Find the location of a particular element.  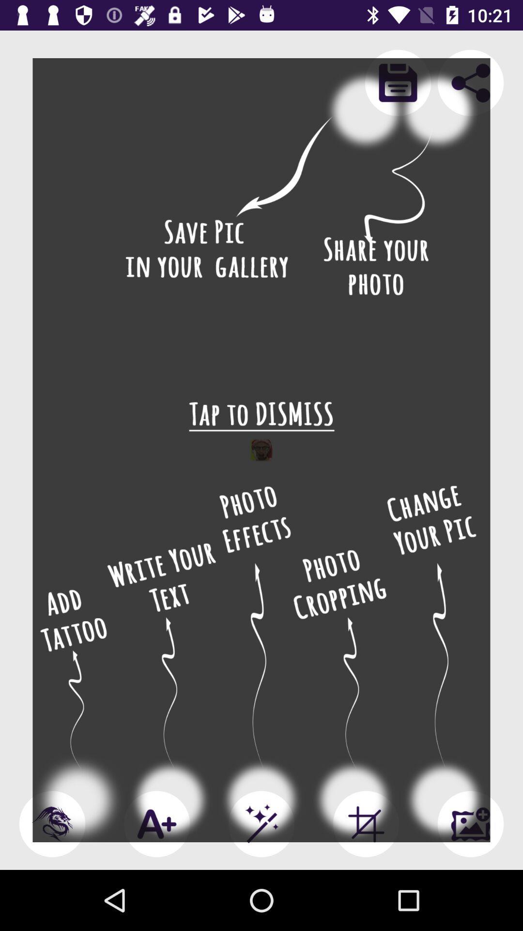

the share icon is located at coordinates (470, 83).